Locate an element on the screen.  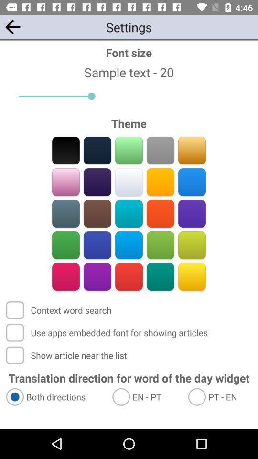
color select is located at coordinates (160, 150).